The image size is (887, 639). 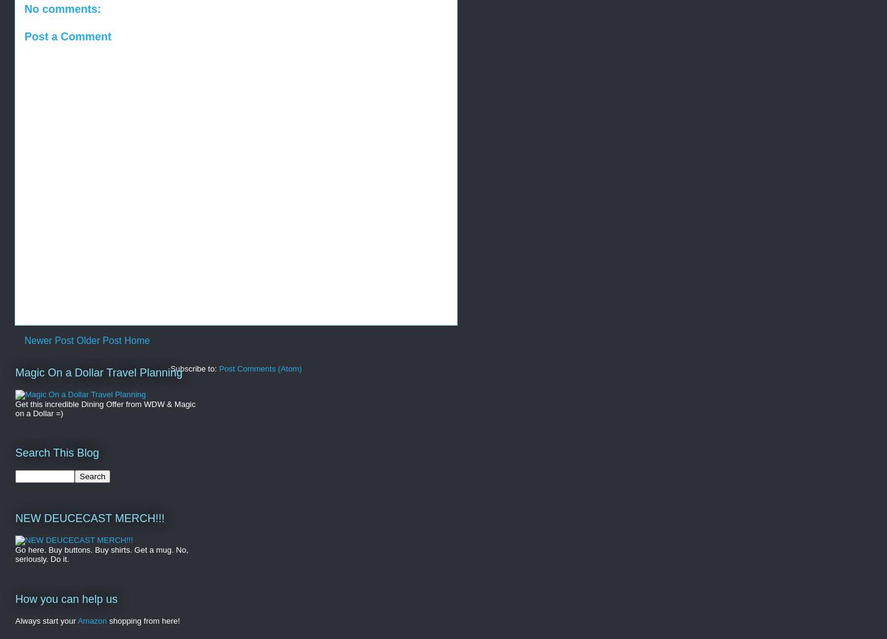 What do you see at coordinates (67, 35) in the screenshot?
I see `'Post a Comment'` at bounding box center [67, 35].